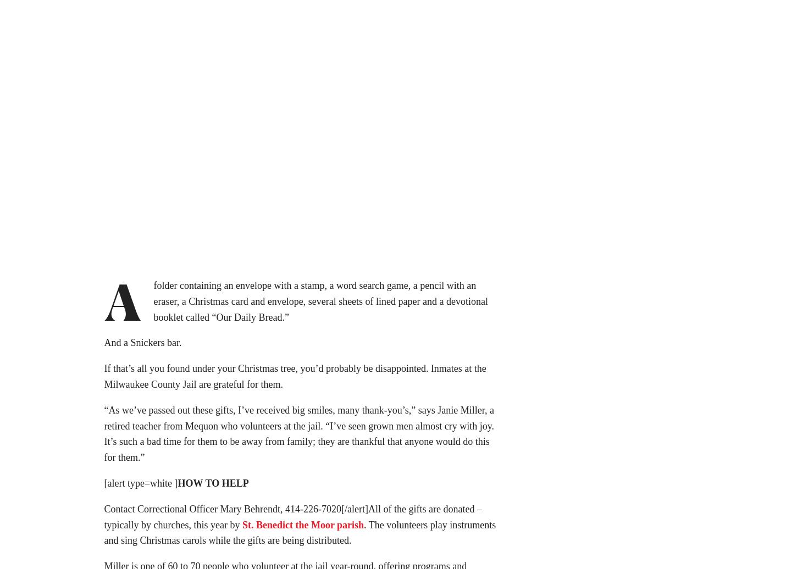  I want to click on 'And a Snickers bar.', so click(142, 345).